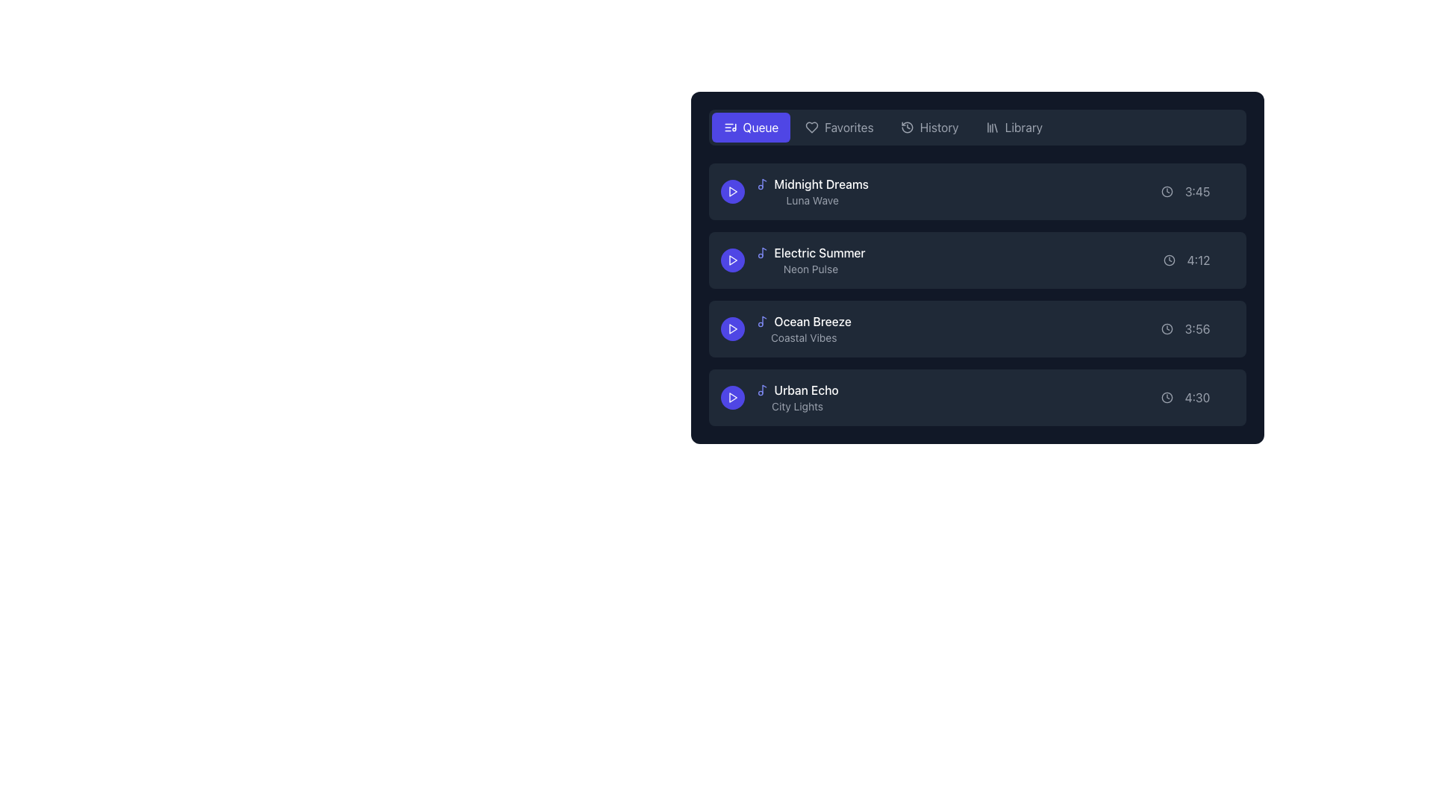 This screenshot has height=806, width=1433. I want to click on the text label indicating the time duration of the song 'Ocean Breeze', so click(1197, 328).